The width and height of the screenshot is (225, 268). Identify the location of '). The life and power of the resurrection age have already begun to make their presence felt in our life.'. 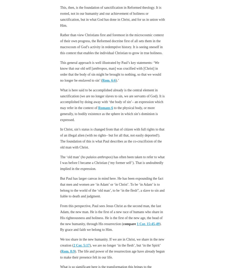
(112, 254).